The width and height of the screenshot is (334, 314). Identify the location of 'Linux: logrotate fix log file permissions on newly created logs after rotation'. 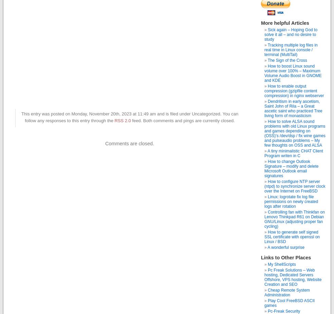
(291, 202).